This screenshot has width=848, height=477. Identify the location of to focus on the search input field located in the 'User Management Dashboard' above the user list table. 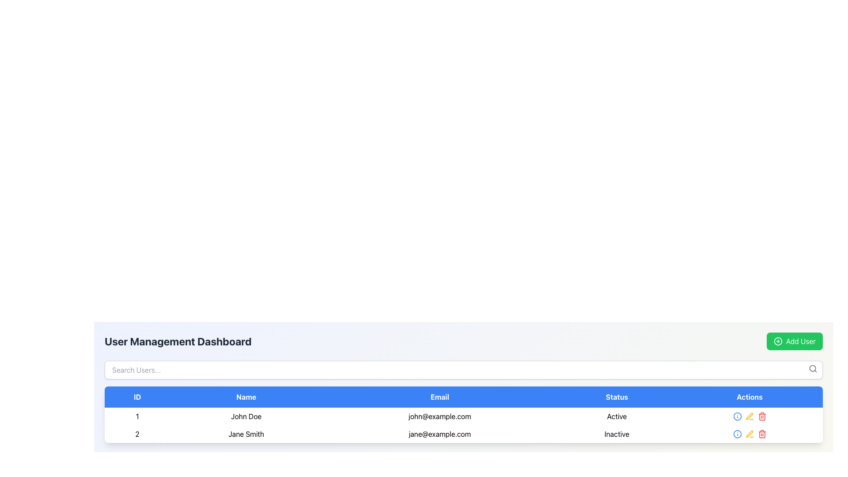
(463, 370).